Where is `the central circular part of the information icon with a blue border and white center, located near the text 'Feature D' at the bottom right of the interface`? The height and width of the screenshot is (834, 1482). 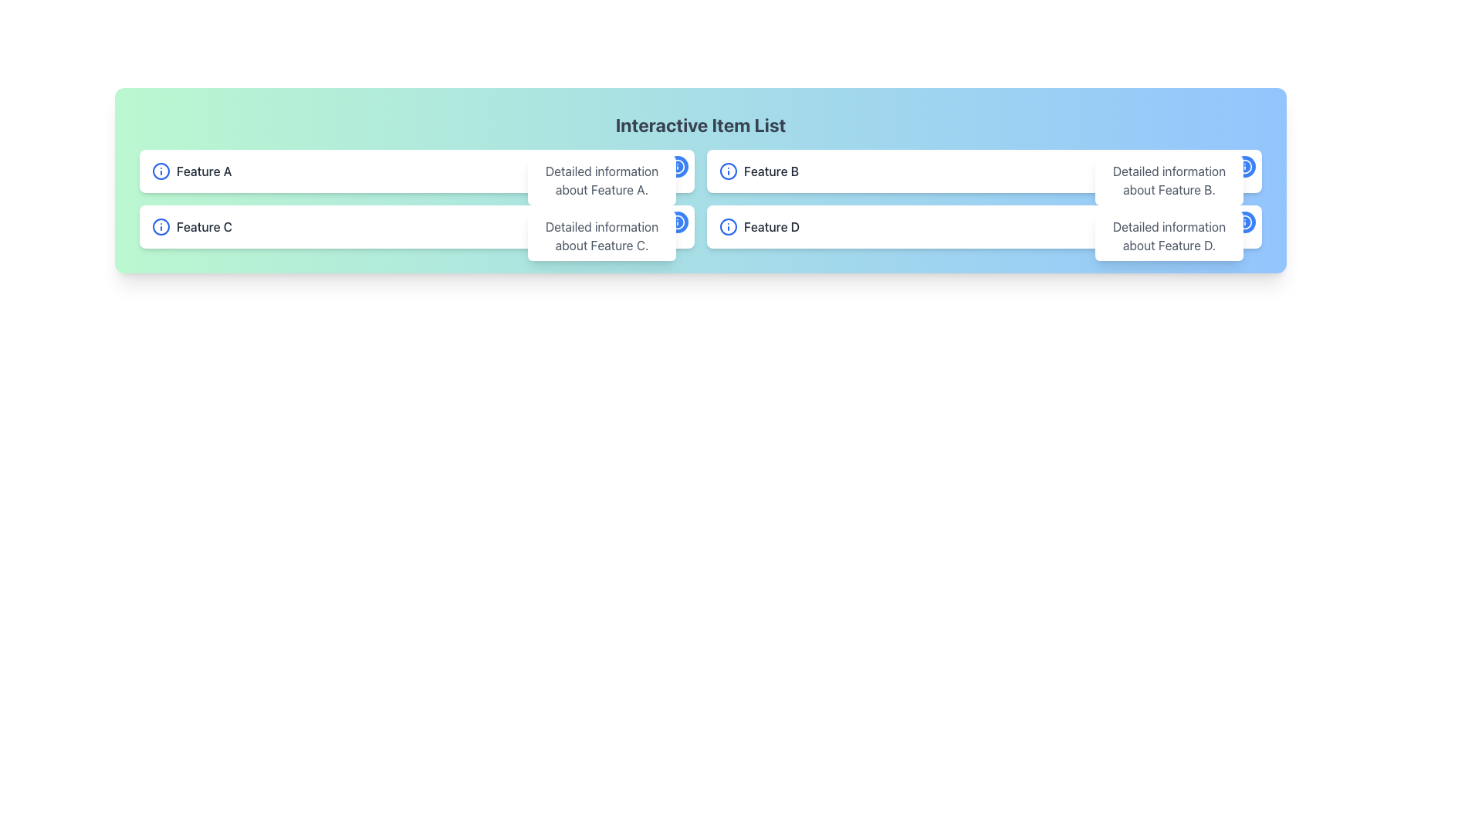
the central circular part of the information icon with a blue border and white center, located near the text 'Feature D' at the bottom right of the interface is located at coordinates (728, 226).